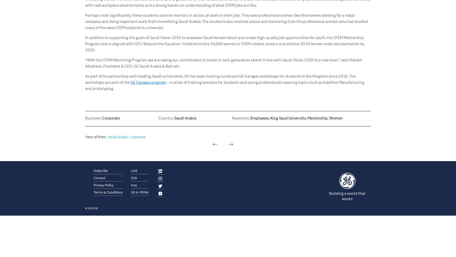 Image resolution: width=456 pixels, height=257 pixels. Describe the element at coordinates (225, 43) in the screenshot. I see `'In addition to supporting the goals of Saudi Vision 2030 to empower Saudi female talent and create high-quality job opportunities for youth, the STEM Mentorship Program also is aligned with GE’s ‘Balance the Equation’ initiative to hire 20,000 women in STEM-related careers and achieve 50:50 female-male representation by 2020.'` at that location.